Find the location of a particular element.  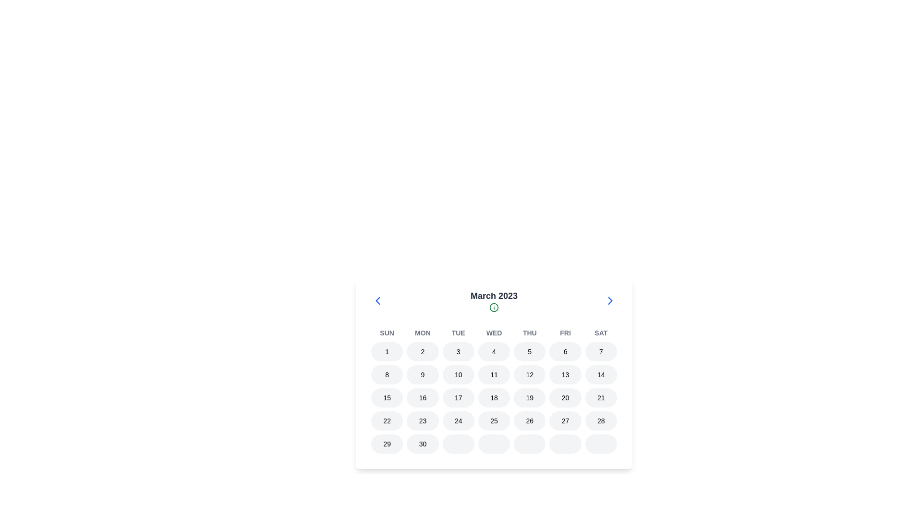

the circular marker with a light gray background and a black dot at its center located in the sixth column of the bottom-most row of the calendar grid is located at coordinates (565, 444).